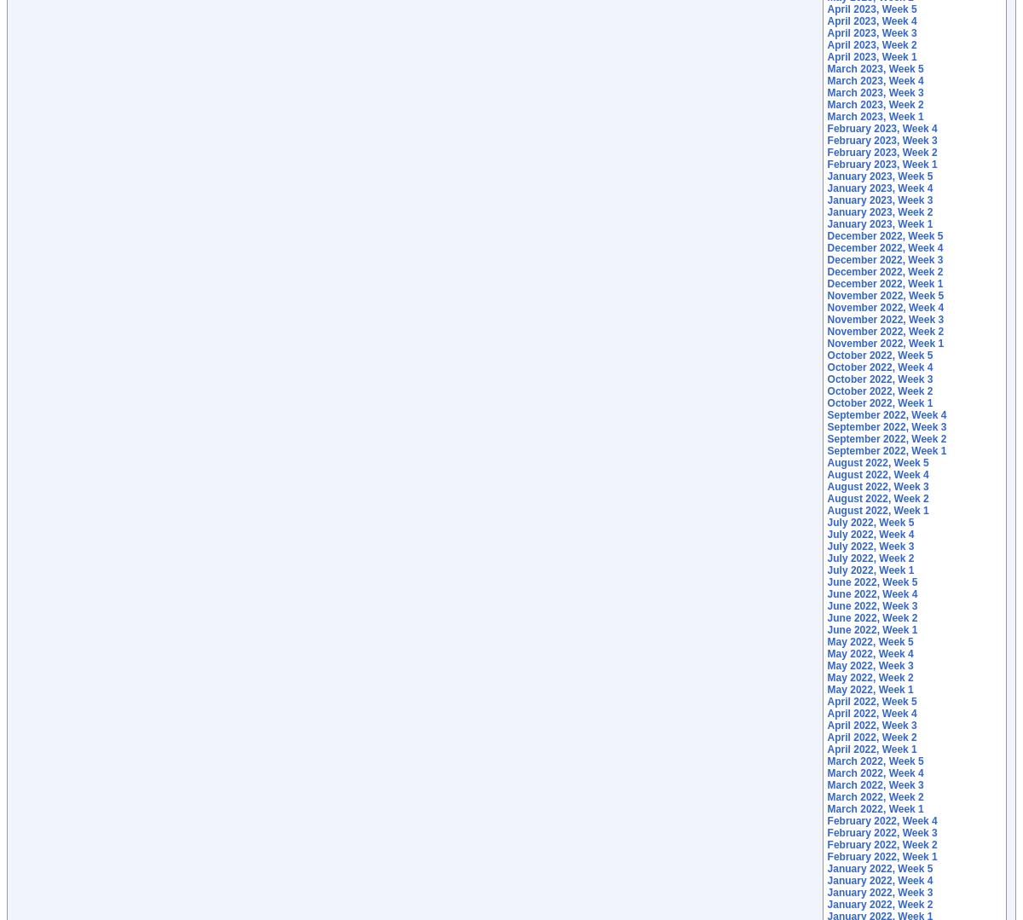 Image resolution: width=1023 pixels, height=920 pixels. Describe the element at coordinates (871, 43) in the screenshot. I see `'April 2023, Week 2'` at that location.